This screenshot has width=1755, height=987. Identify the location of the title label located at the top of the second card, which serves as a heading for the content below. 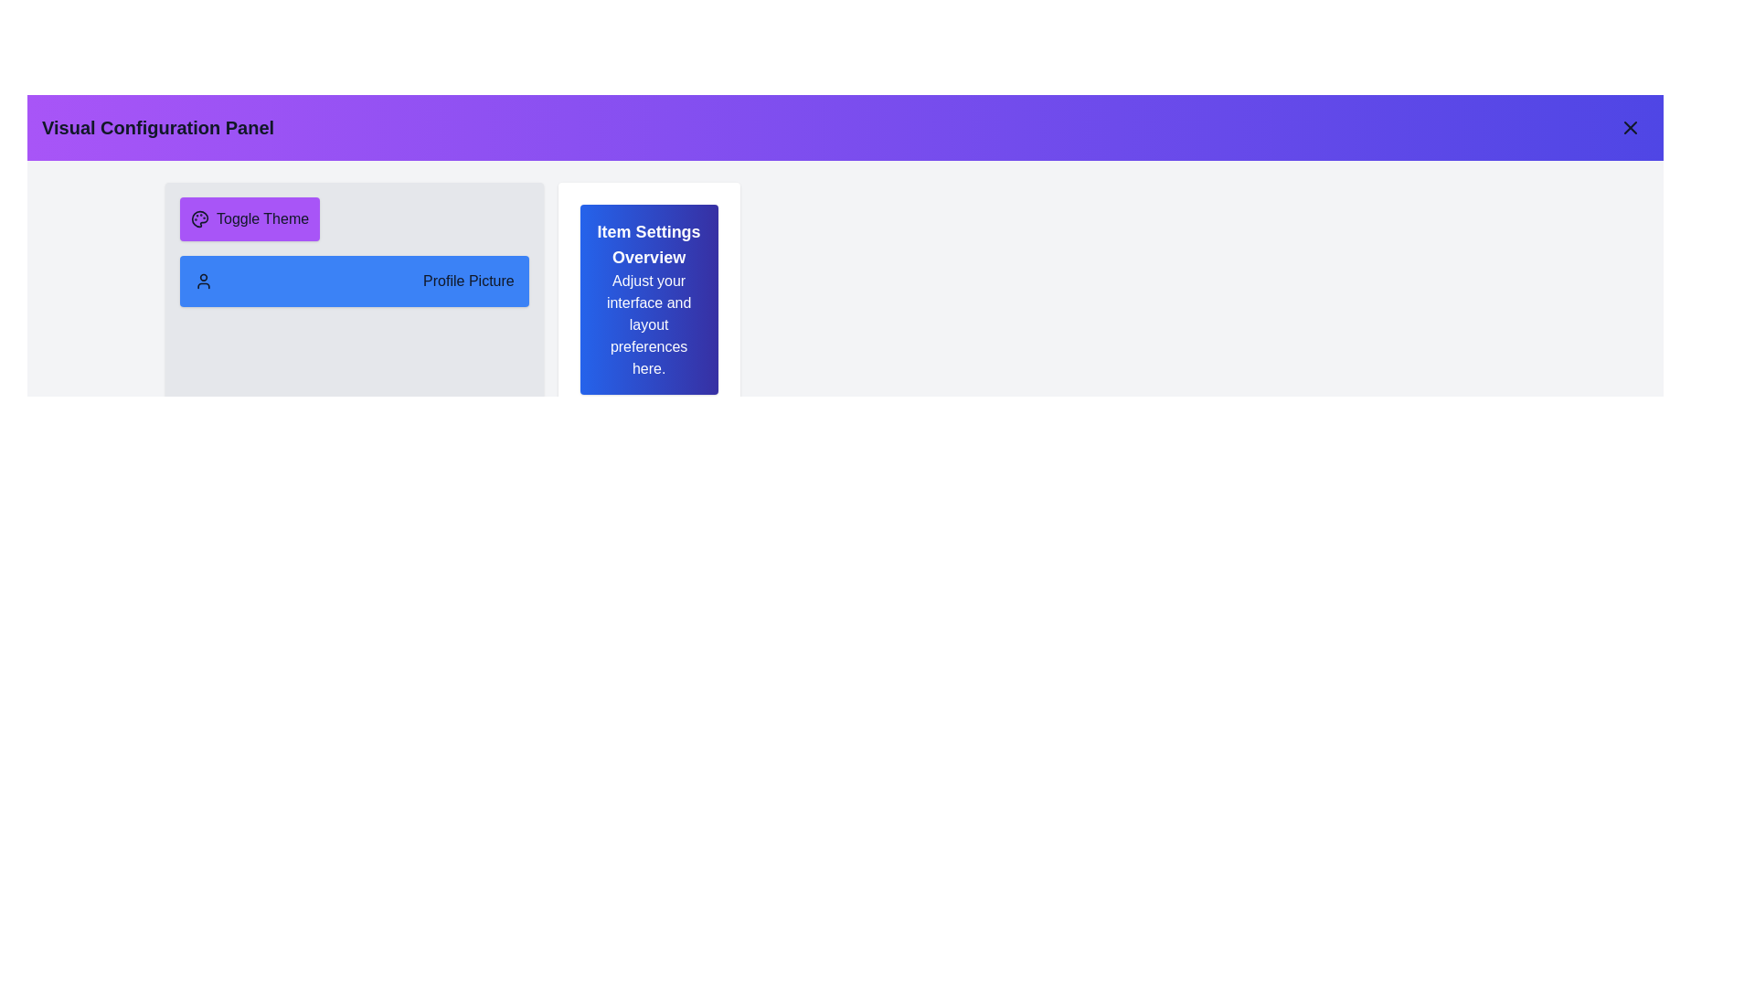
(649, 243).